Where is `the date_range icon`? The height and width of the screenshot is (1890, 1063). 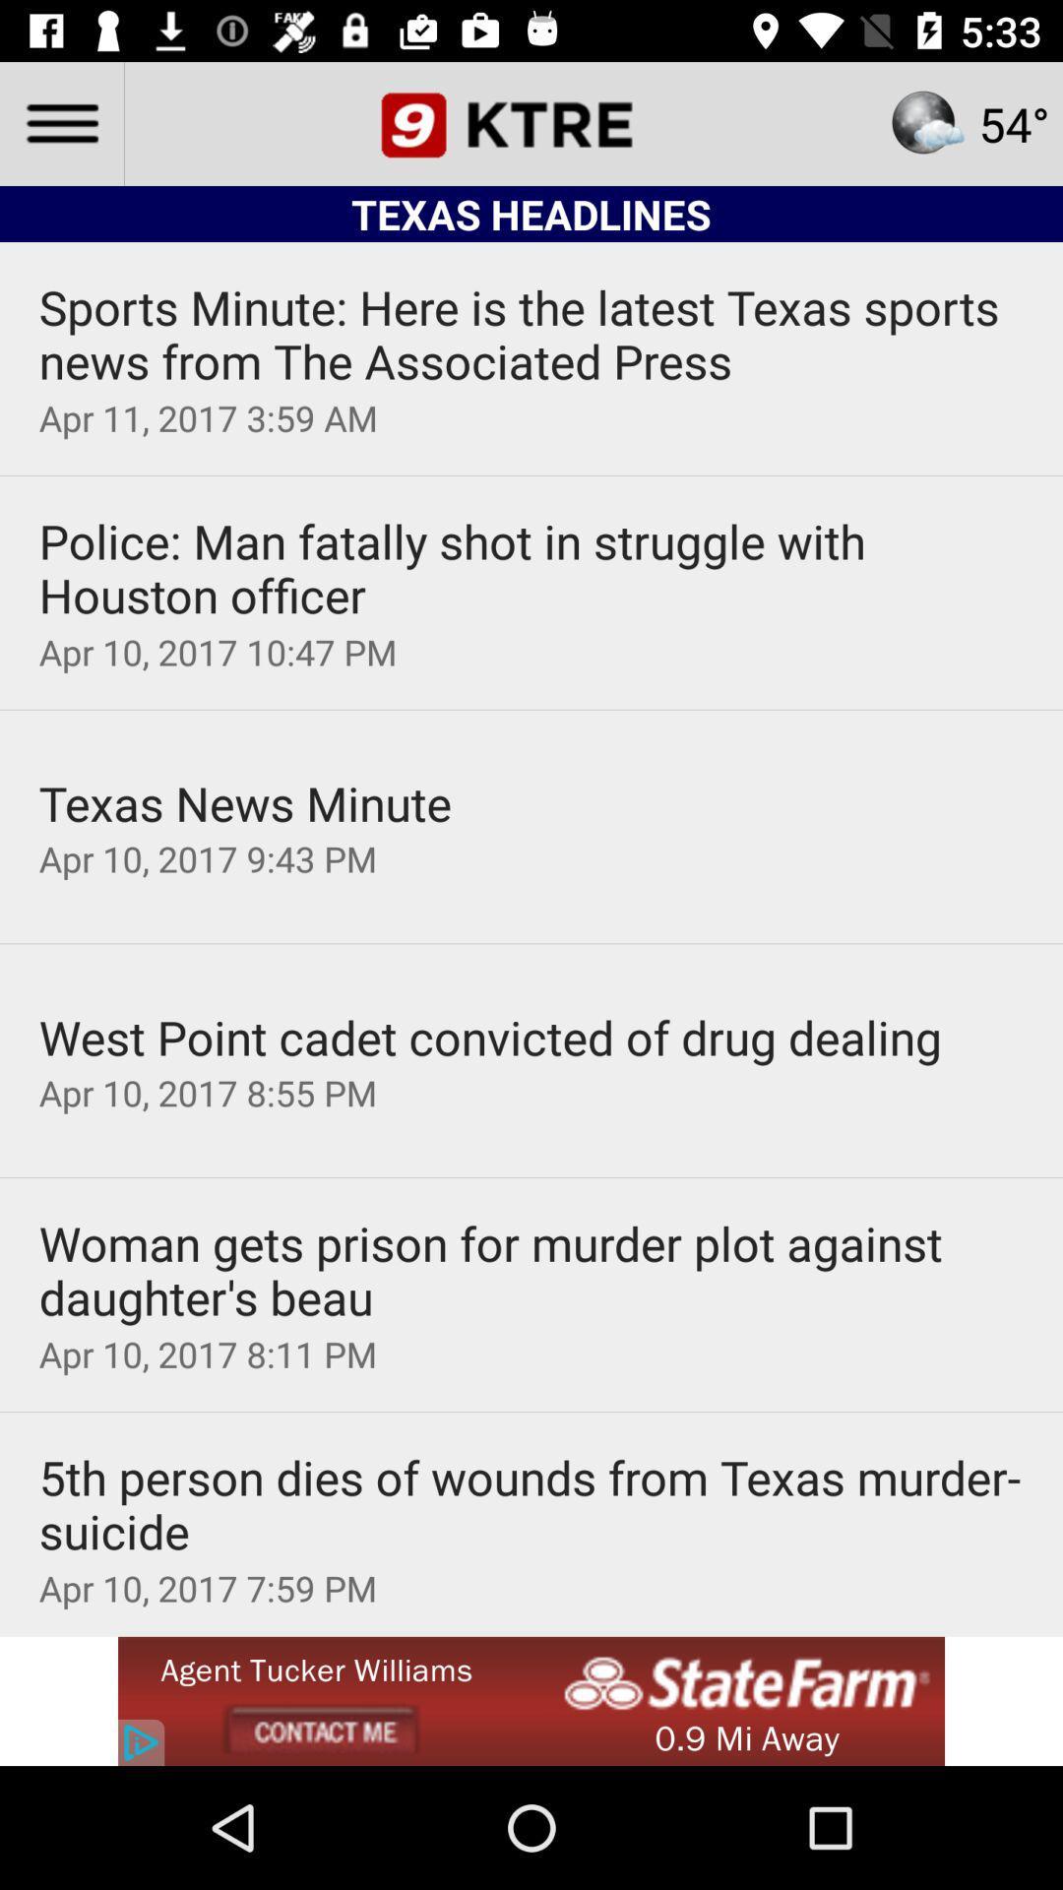 the date_range icon is located at coordinates (531, 122).